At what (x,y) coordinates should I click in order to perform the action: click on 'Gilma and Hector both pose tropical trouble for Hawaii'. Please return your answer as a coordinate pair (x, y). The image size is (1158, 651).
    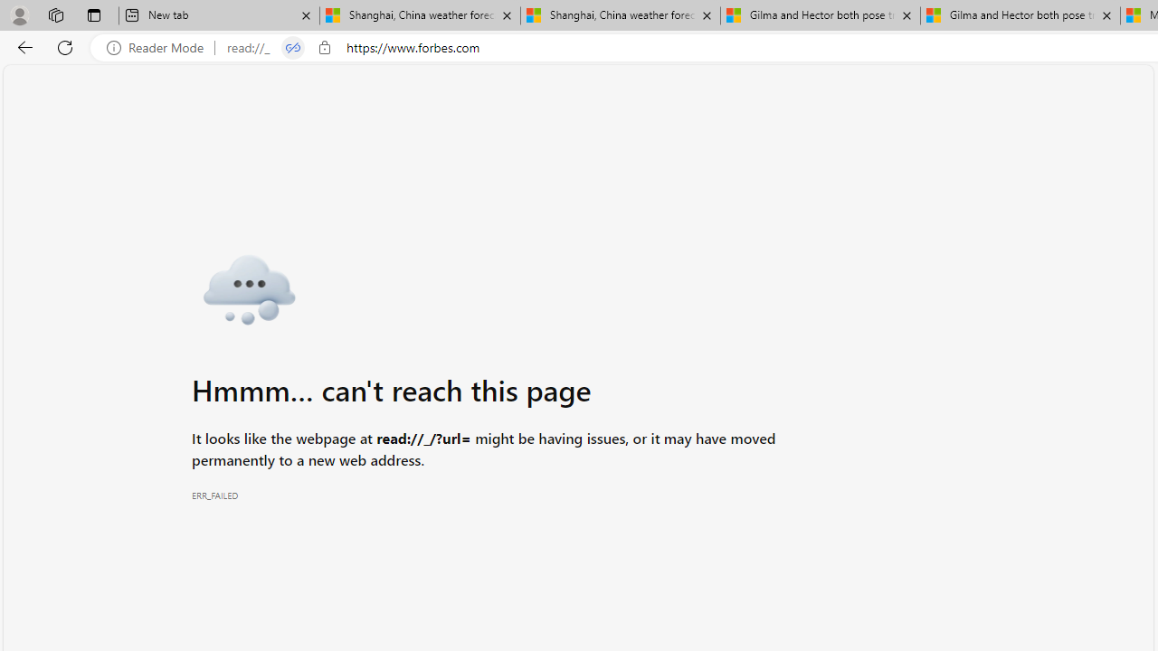
    Looking at the image, I should click on (1020, 15).